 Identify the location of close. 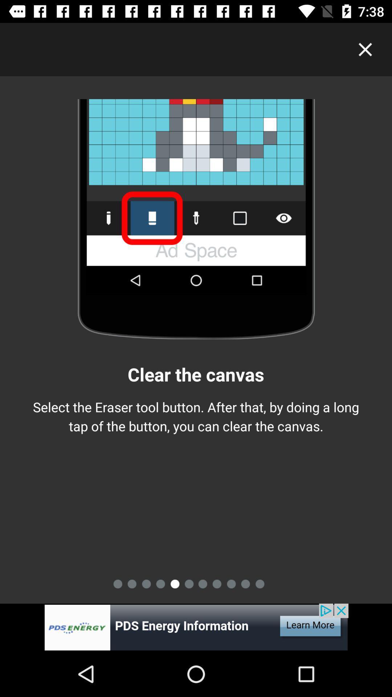
(365, 49).